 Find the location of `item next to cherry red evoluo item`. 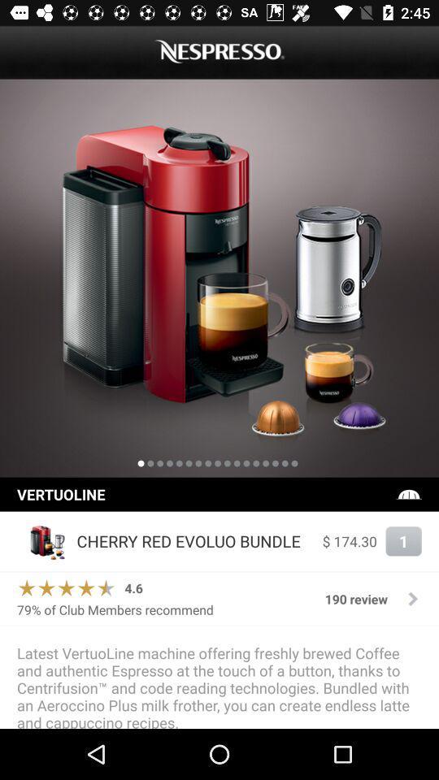

item next to cherry red evoluo item is located at coordinates (349, 541).